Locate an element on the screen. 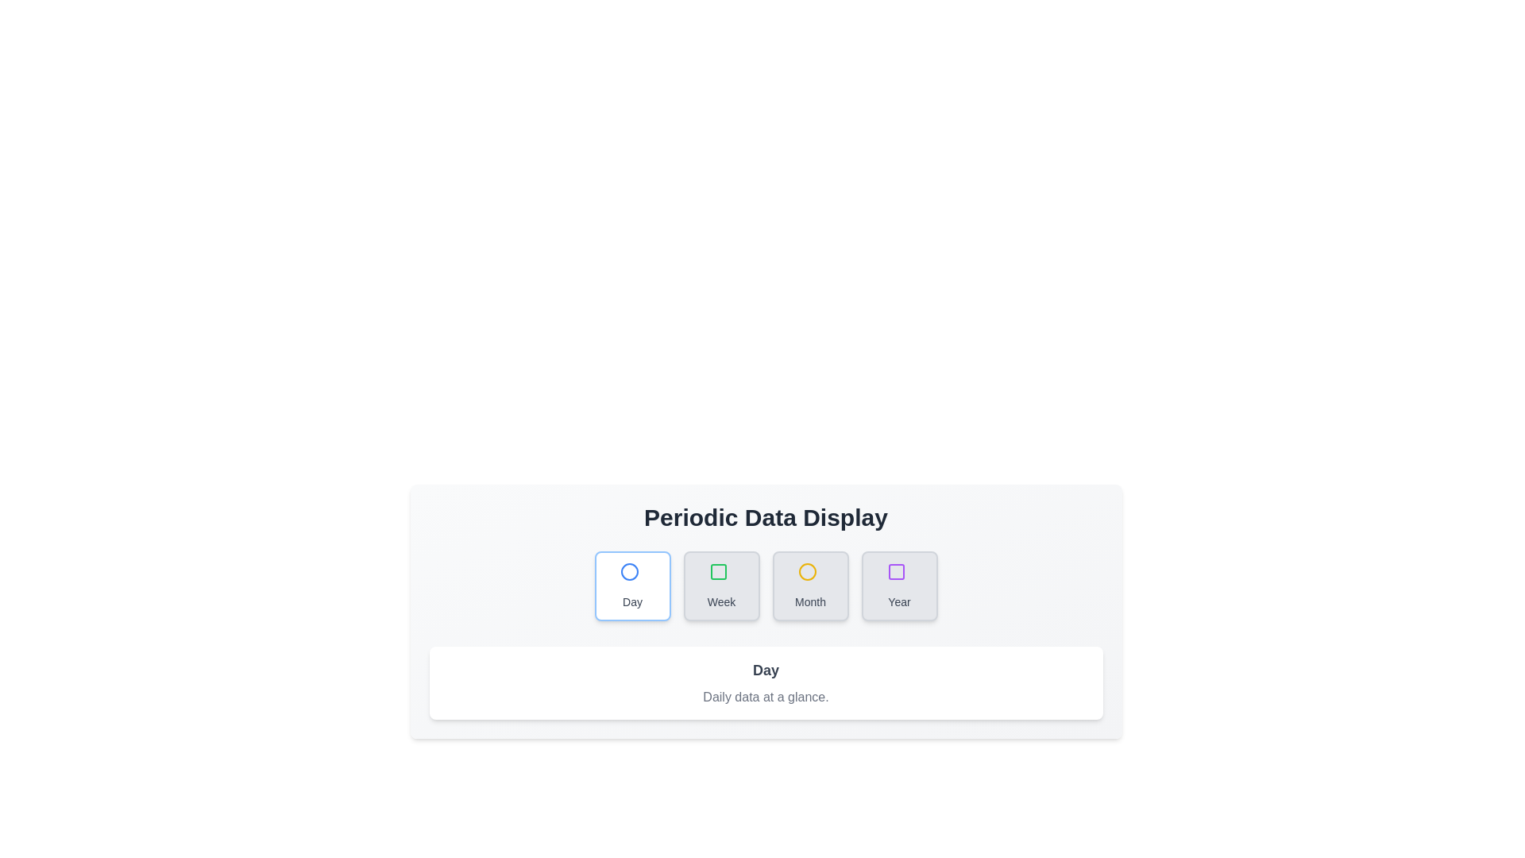 The image size is (1525, 858). the SVG graphic icon representing the 'Year' button located at the center-top section of the button, which is the fourth button in a horizontal group beneath the heading 'Periodic Data Display' is located at coordinates (899, 575).